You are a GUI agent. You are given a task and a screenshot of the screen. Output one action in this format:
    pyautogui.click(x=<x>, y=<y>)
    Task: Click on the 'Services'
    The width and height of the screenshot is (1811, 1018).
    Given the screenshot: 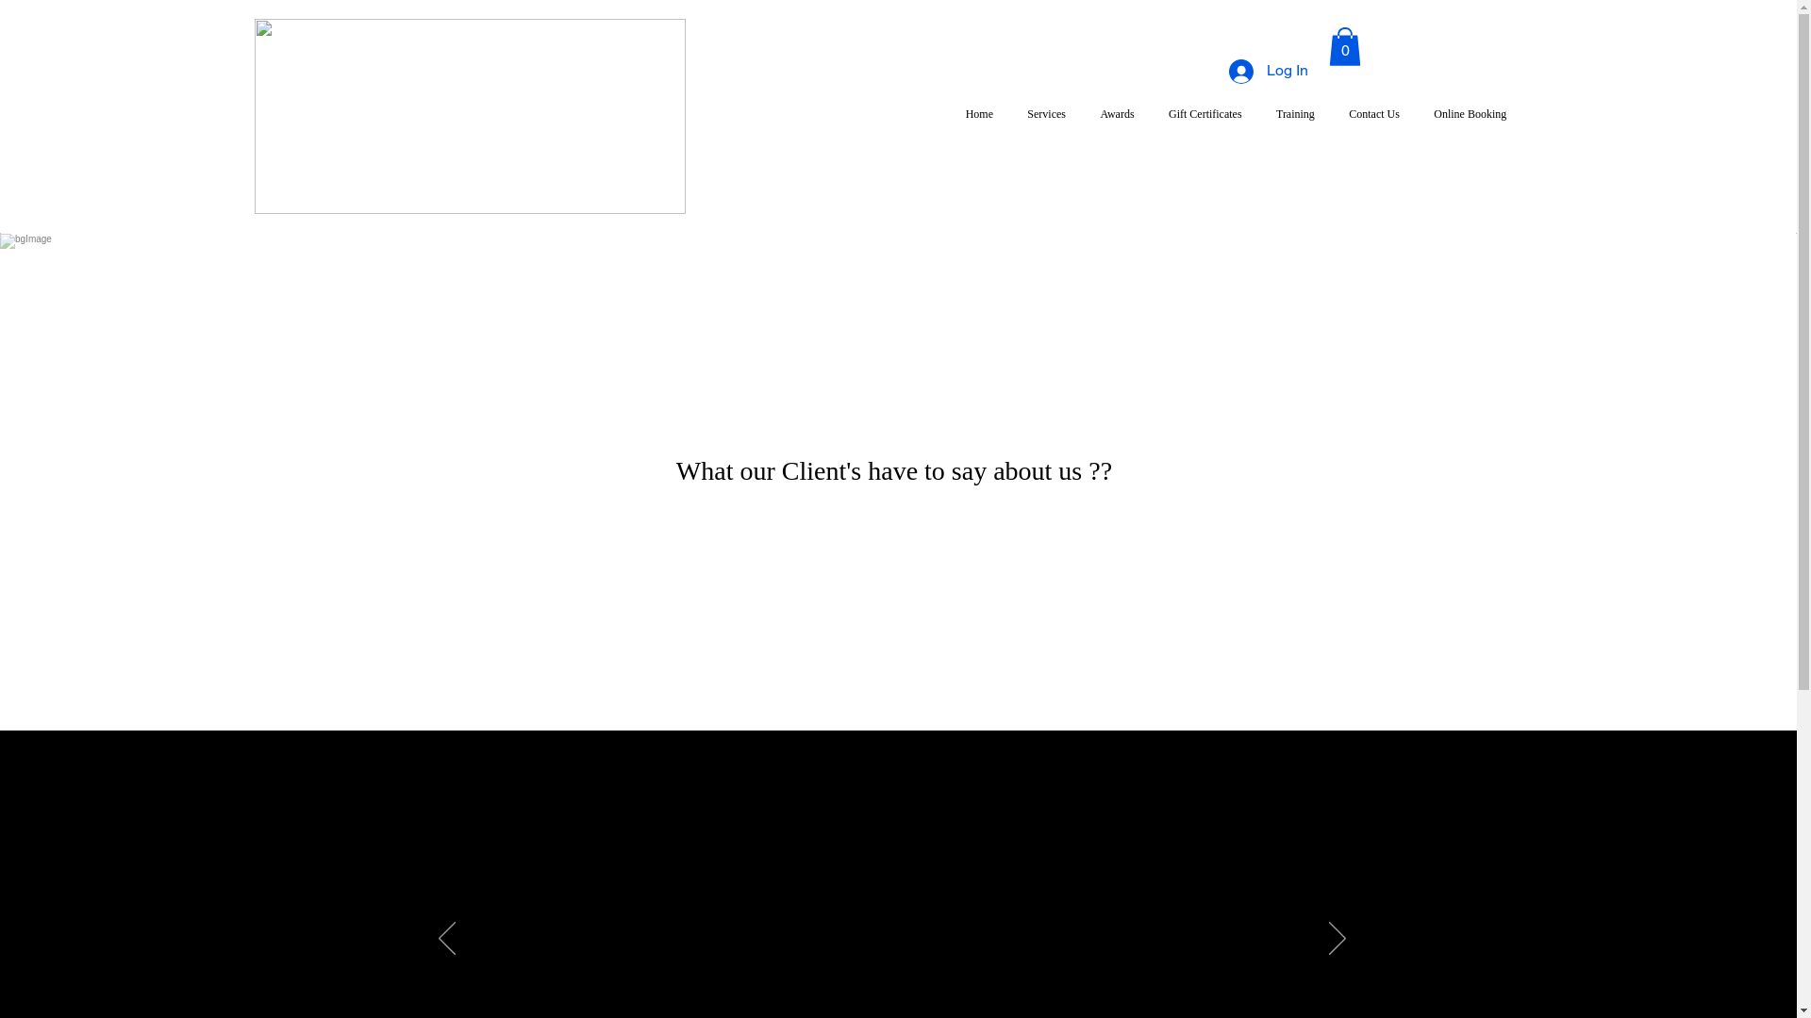 What is the action you would take?
    pyautogui.click(x=1045, y=113)
    